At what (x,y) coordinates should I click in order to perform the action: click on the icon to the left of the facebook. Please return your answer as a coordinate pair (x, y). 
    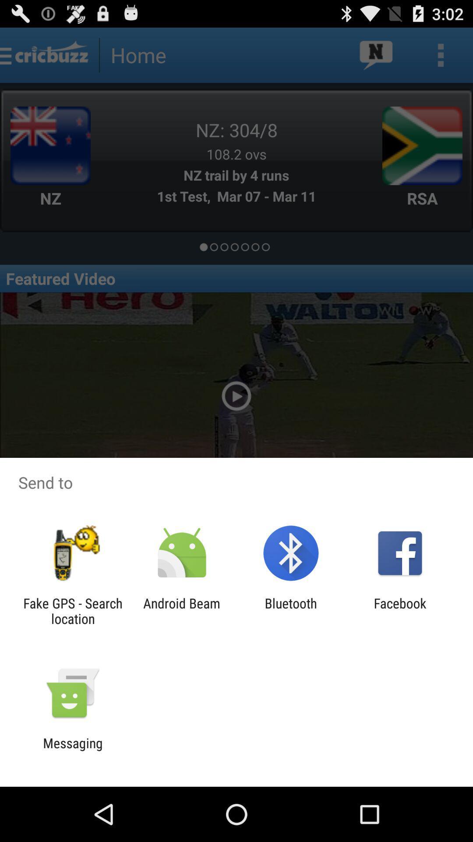
    Looking at the image, I should click on (291, 610).